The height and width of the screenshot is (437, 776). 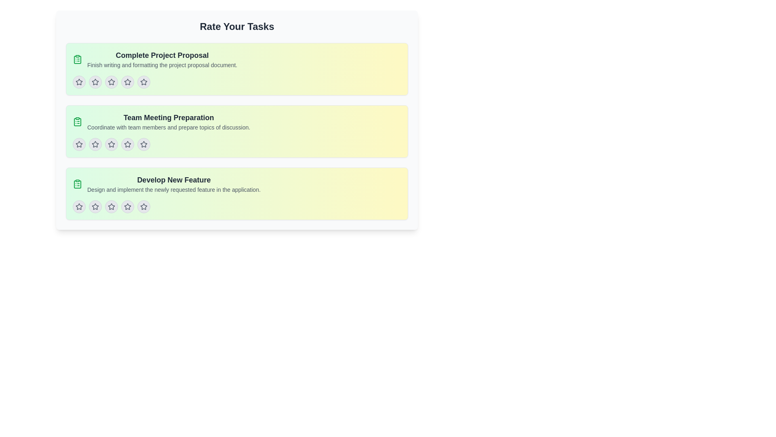 What do you see at coordinates (95, 82) in the screenshot?
I see `the first star icon in the rating indicator` at bounding box center [95, 82].